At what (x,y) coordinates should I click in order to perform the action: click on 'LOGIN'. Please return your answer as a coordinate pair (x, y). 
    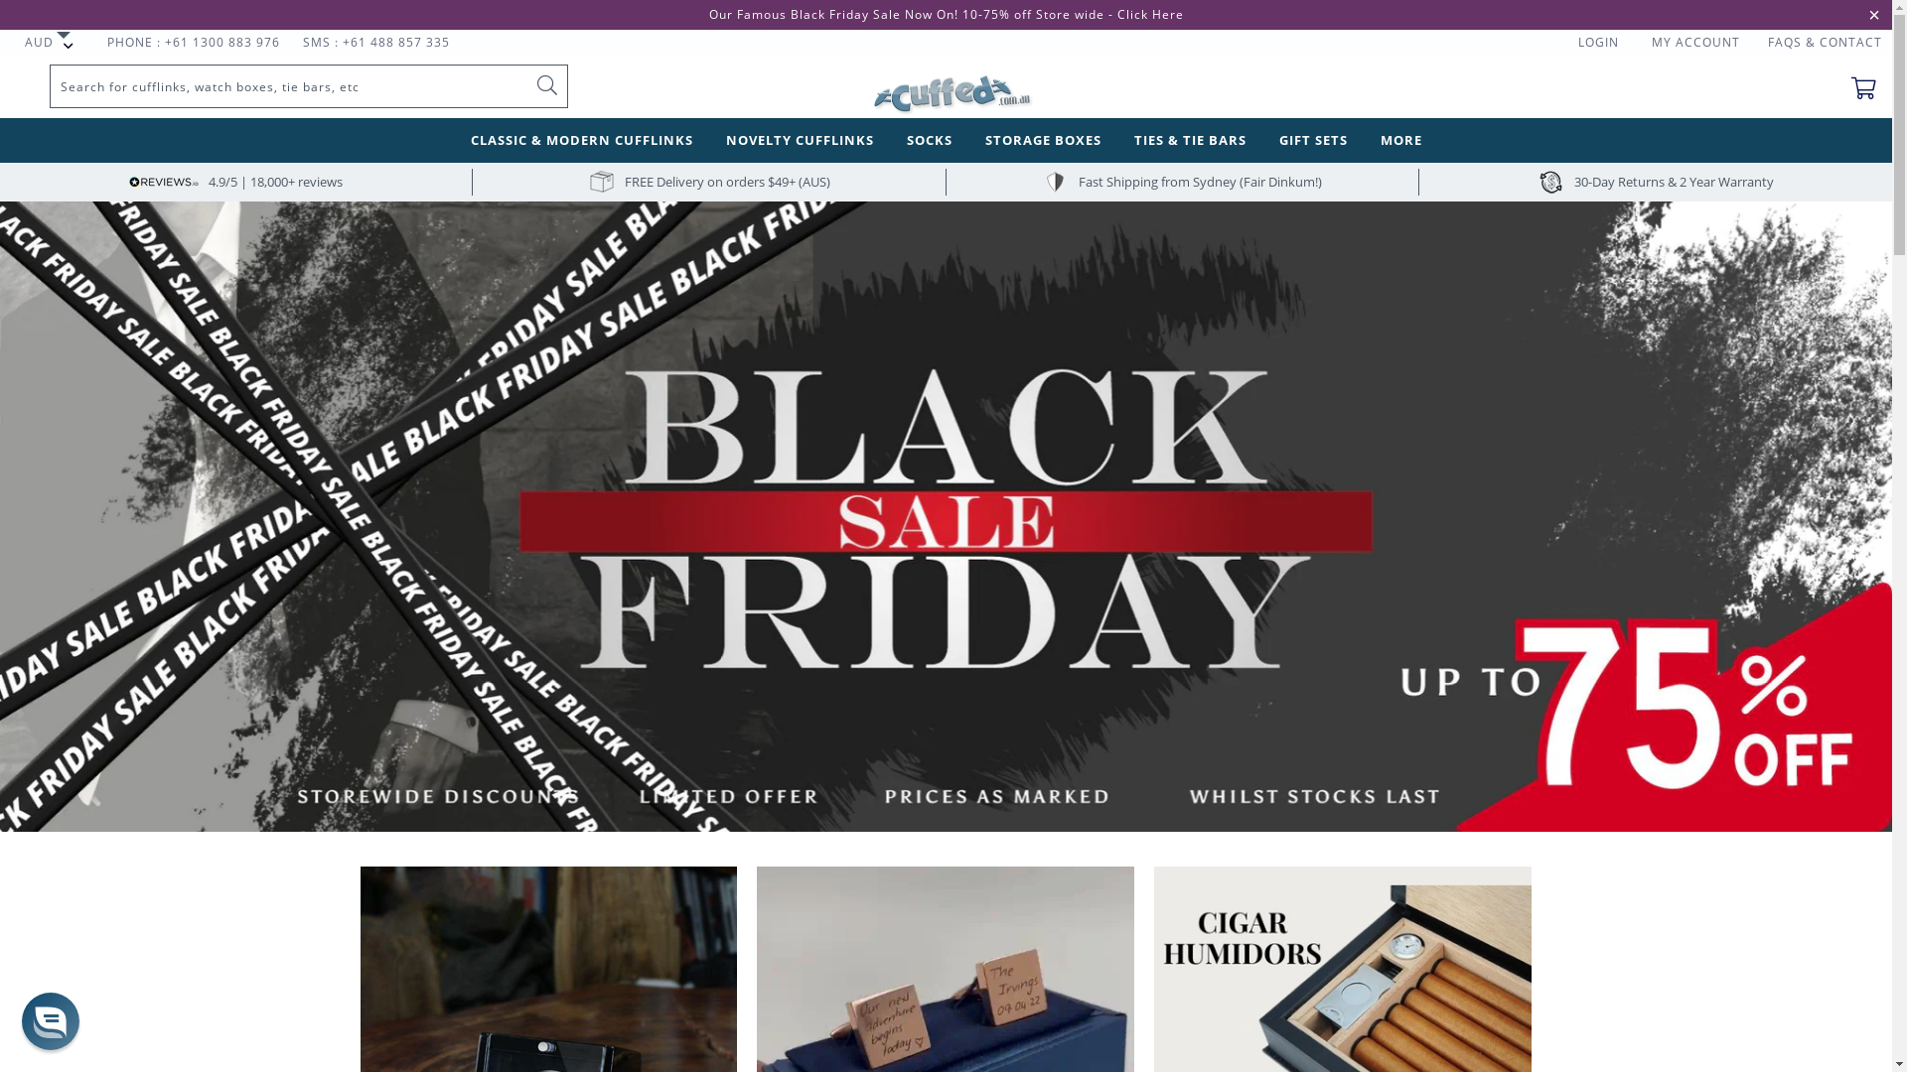
    Looking at the image, I should click on (1598, 42).